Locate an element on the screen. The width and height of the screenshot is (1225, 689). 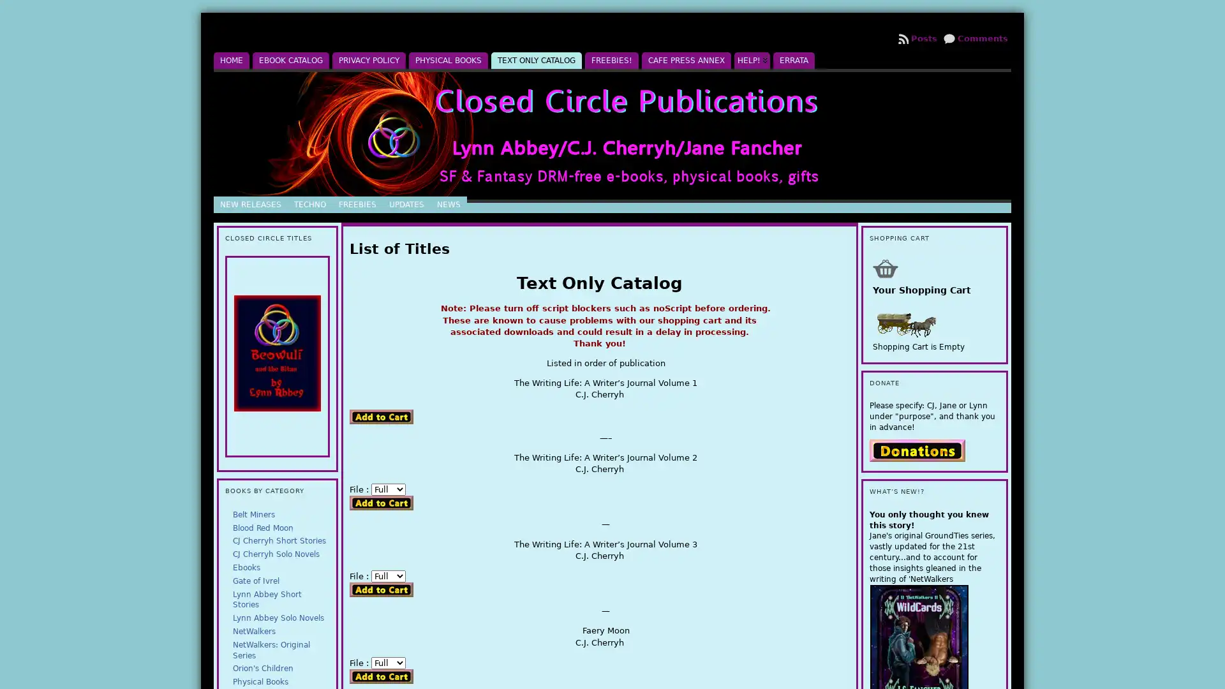
Add to Cart is located at coordinates (381, 589).